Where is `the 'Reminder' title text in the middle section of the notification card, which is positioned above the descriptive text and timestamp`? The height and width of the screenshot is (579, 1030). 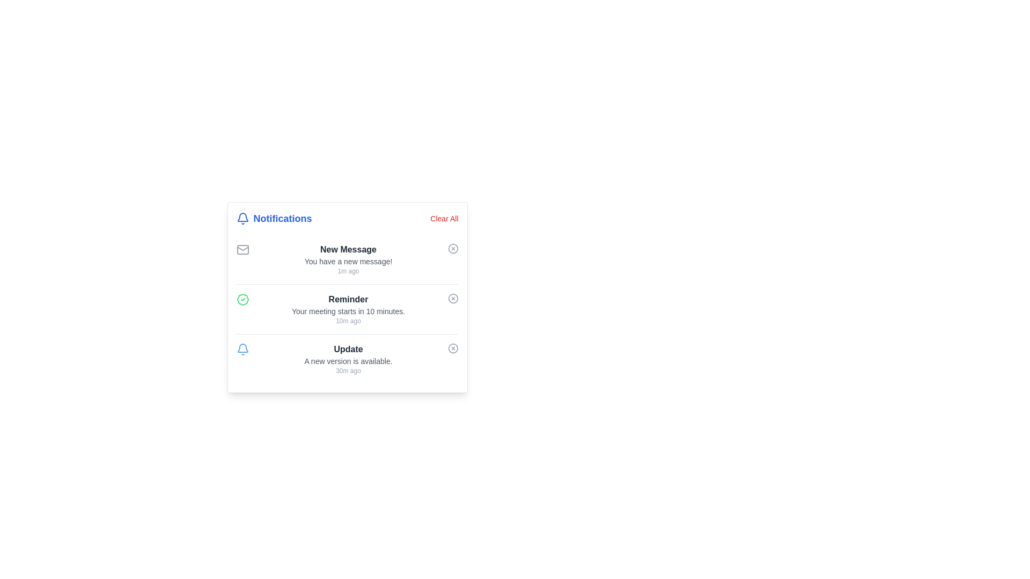 the 'Reminder' title text in the middle section of the notification card, which is positioned above the descriptive text and timestamp is located at coordinates (348, 300).